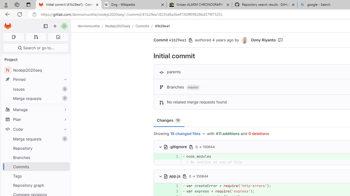 The image size is (350, 196). What do you see at coordinates (244, 40) in the screenshot?
I see `'Dony Riyanto'` at bounding box center [244, 40].